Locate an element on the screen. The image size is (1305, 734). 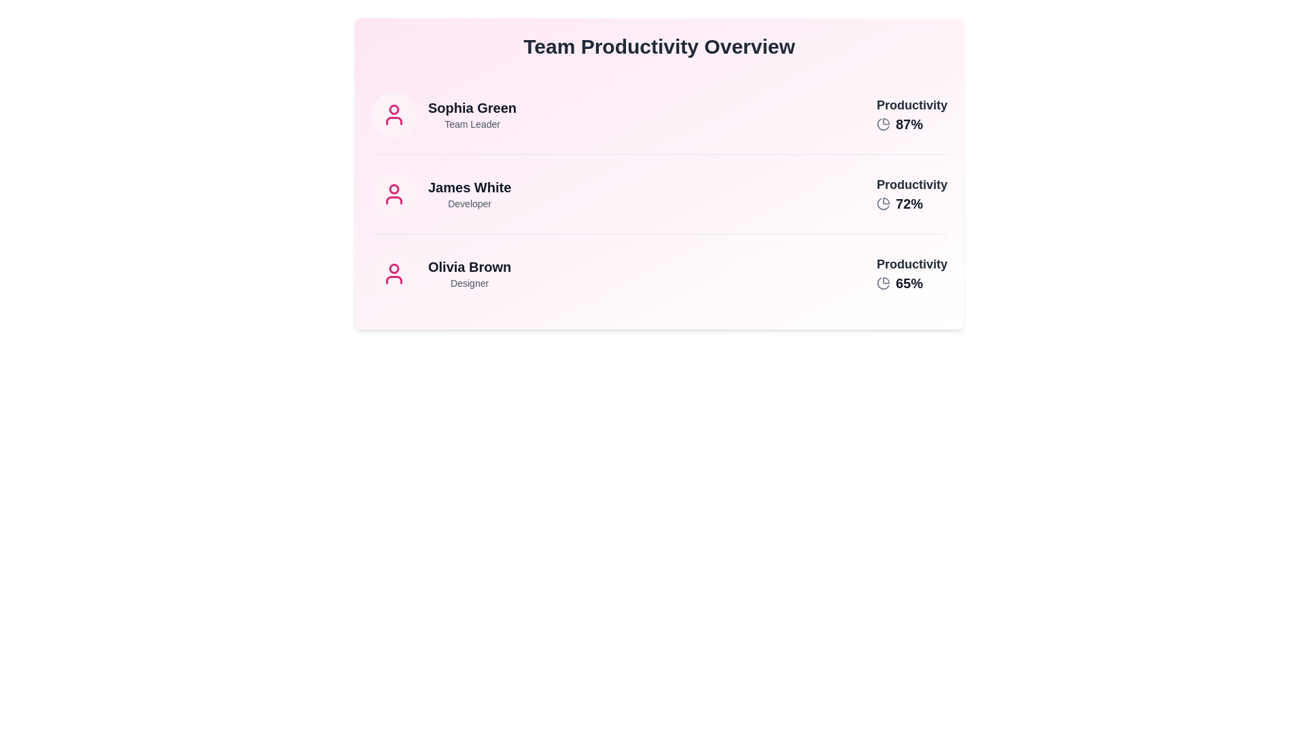
the SVG Circle representing the head of the user icon for James White, which is located in the second row of the list, aligned to the left side is located at coordinates (394, 189).